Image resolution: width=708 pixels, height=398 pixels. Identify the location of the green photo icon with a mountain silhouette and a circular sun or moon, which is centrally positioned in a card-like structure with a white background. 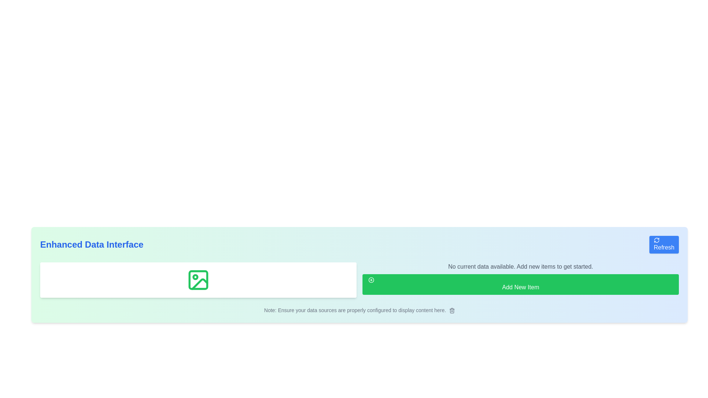
(198, 280).